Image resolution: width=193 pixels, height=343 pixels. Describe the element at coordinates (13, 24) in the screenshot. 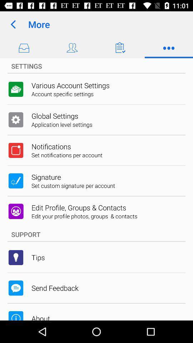

I see `the icon to the left of the more app` at that location.